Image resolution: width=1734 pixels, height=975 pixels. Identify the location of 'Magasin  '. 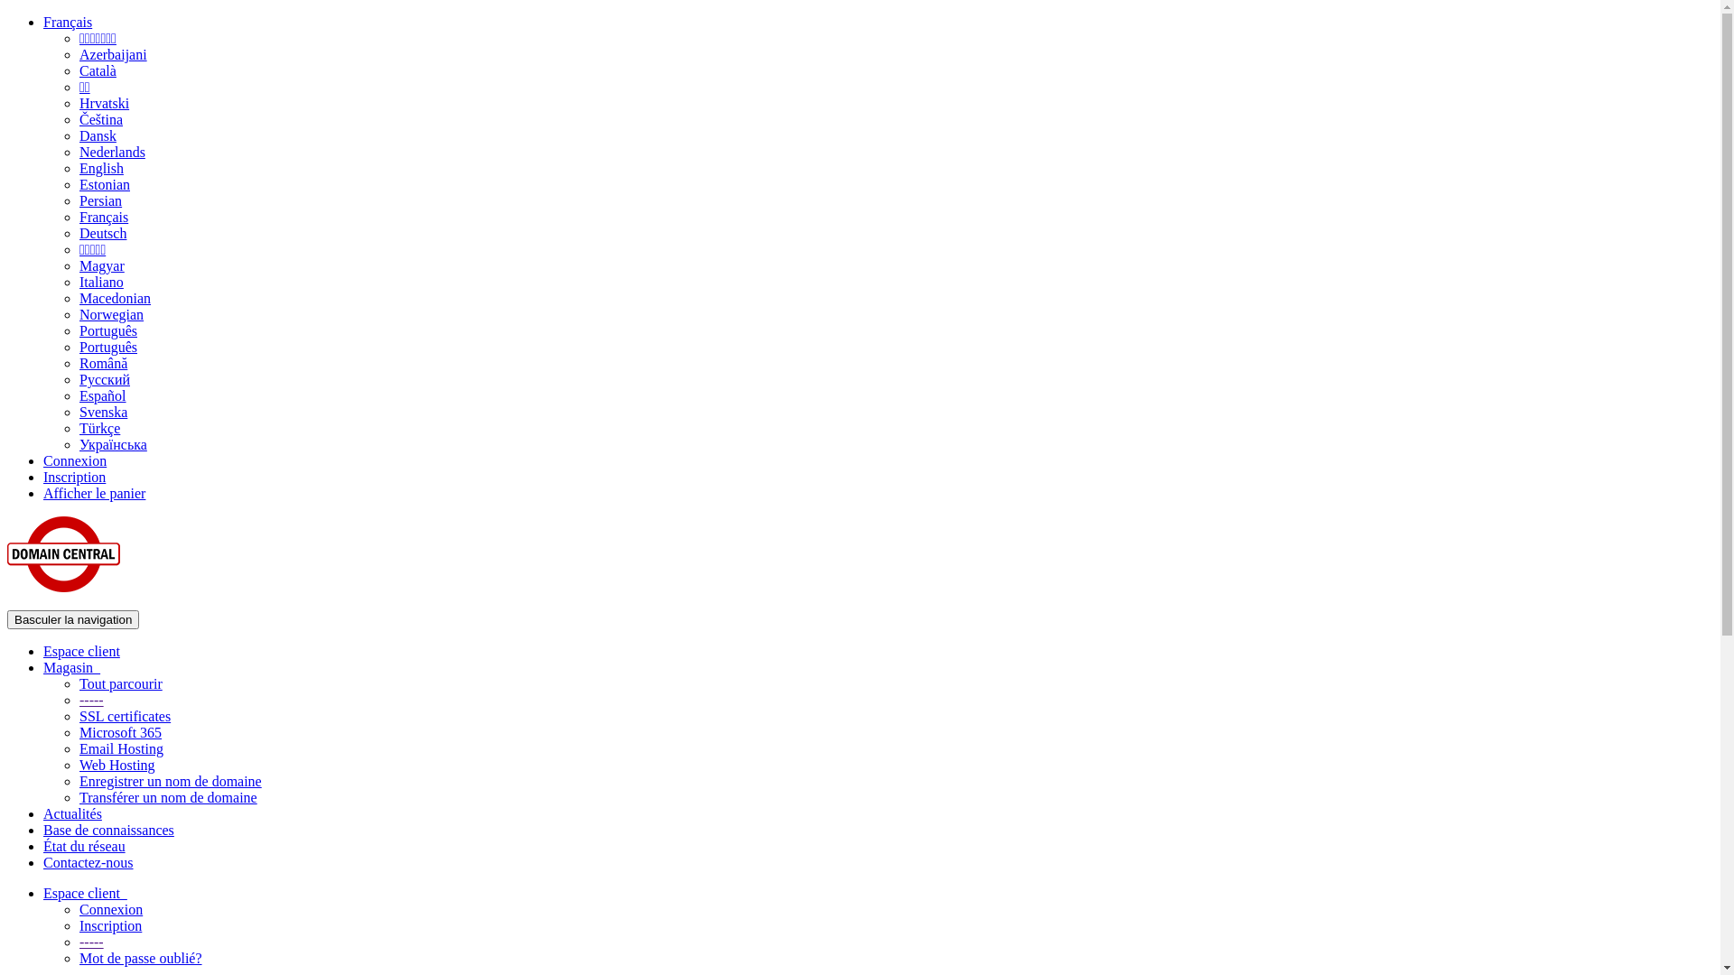
(43, 667).